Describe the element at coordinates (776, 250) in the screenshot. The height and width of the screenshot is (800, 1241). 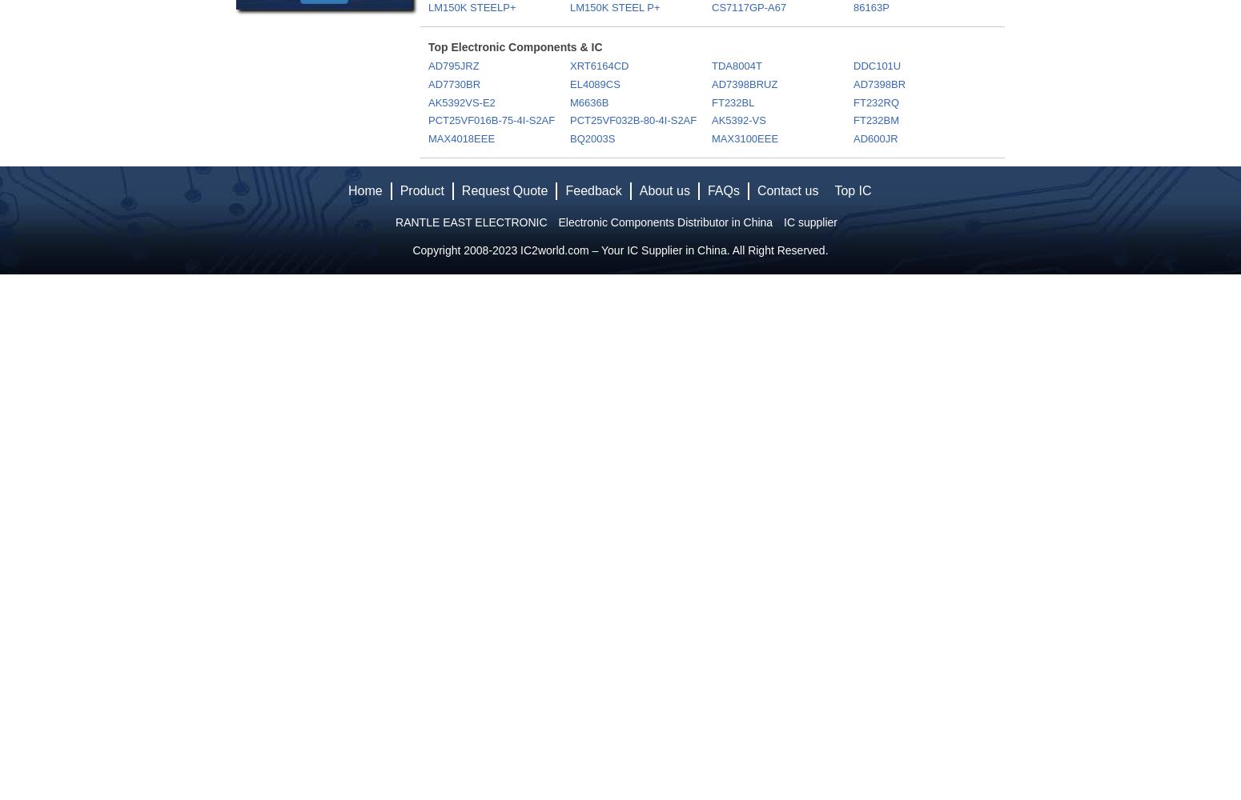
I see `'. All Right Reserved.'` at that location.